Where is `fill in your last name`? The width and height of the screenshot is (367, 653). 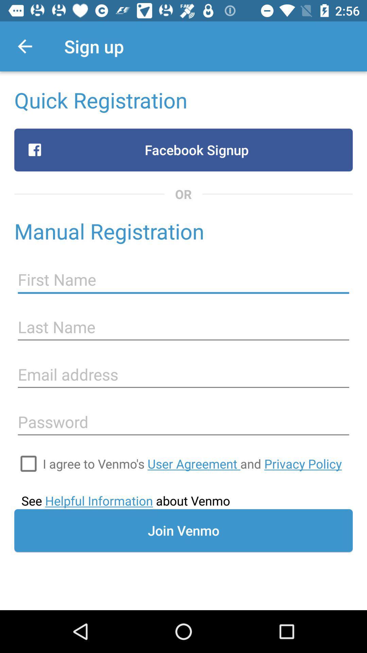
fill in your last name is located at coordinates (183, 327).